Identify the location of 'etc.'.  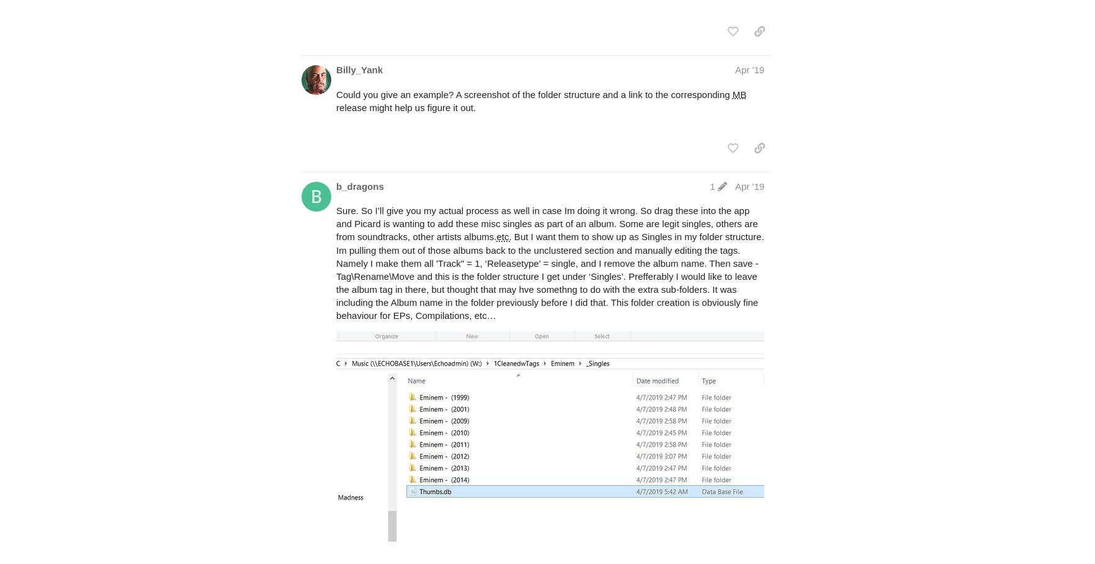
(503, 236).